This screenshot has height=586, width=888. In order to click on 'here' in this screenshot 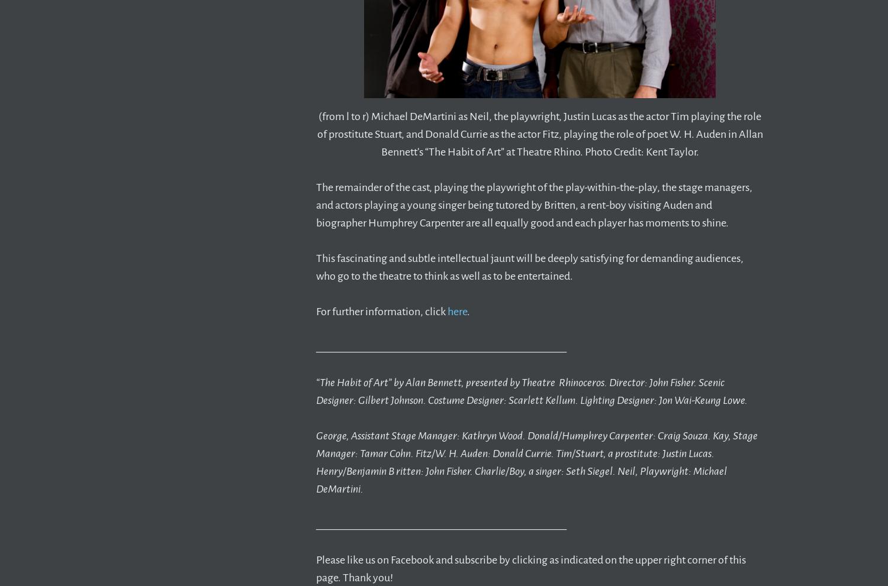, I will do `click(448, 312)`.